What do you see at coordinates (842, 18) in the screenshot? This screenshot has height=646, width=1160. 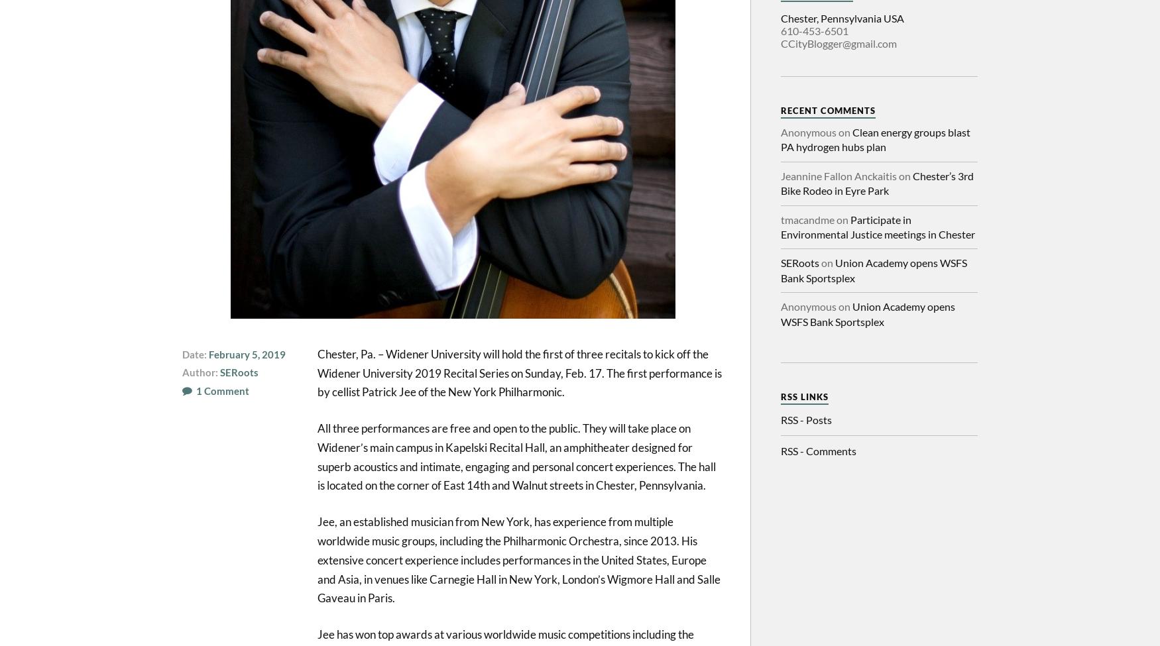 I see `'Chester, Pennsylvania USA'` at bounding box center [842, 18].